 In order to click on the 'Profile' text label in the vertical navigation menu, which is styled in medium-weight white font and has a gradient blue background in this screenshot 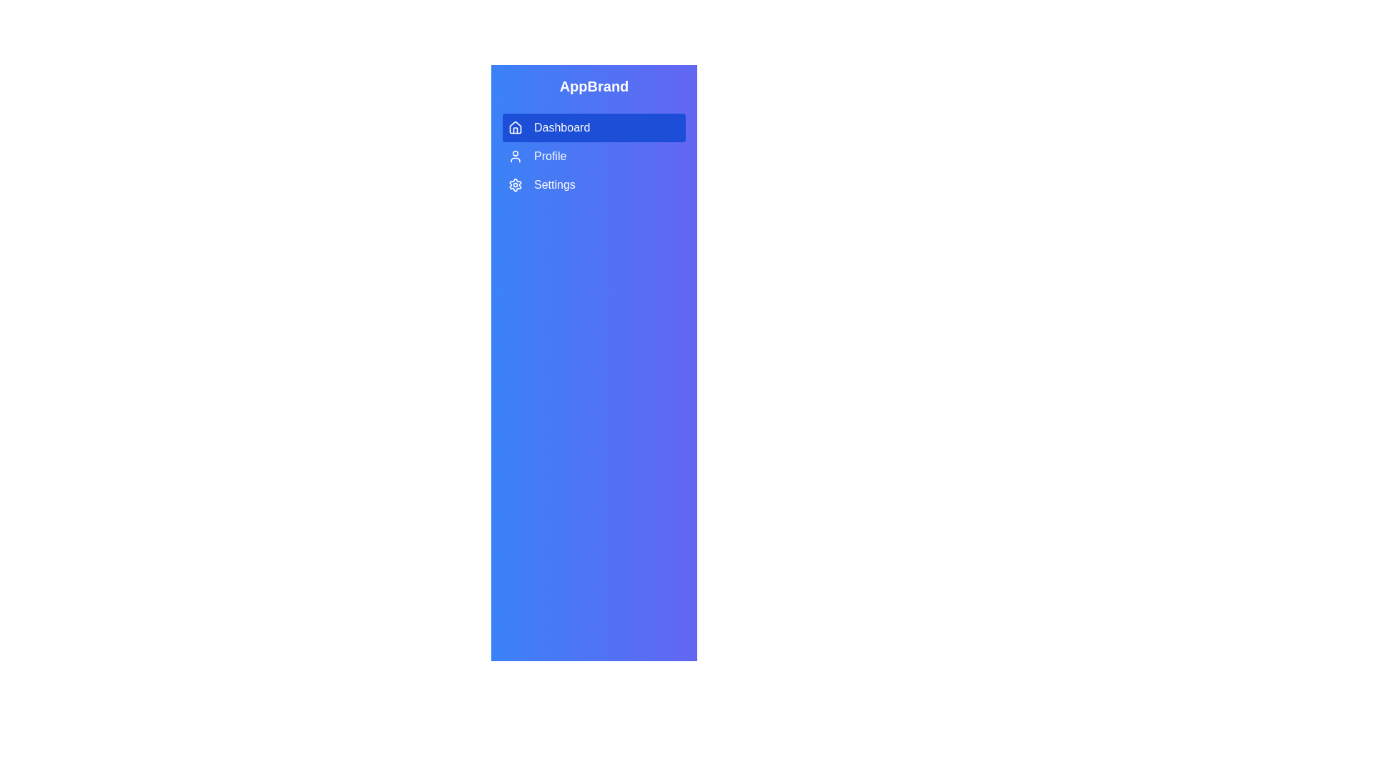, I will do `click(549, 157)`.